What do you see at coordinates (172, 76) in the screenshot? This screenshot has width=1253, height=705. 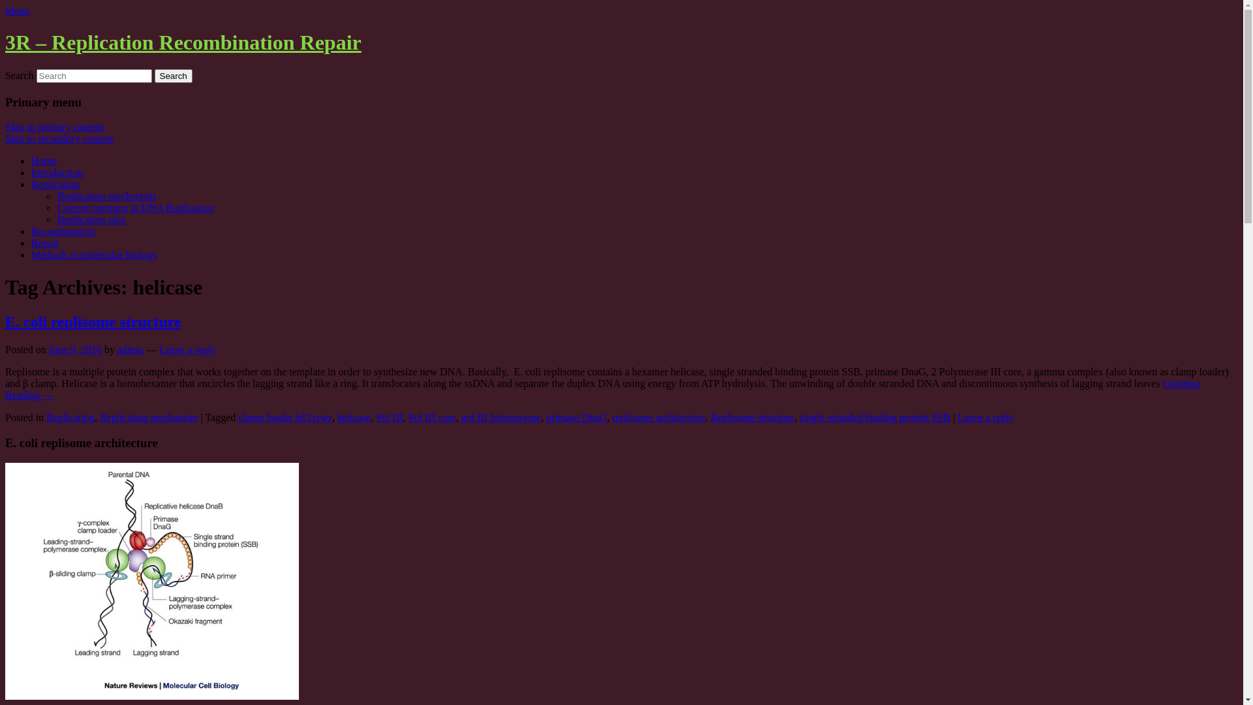 I see `'Search'` at bounding box center [172, 76].